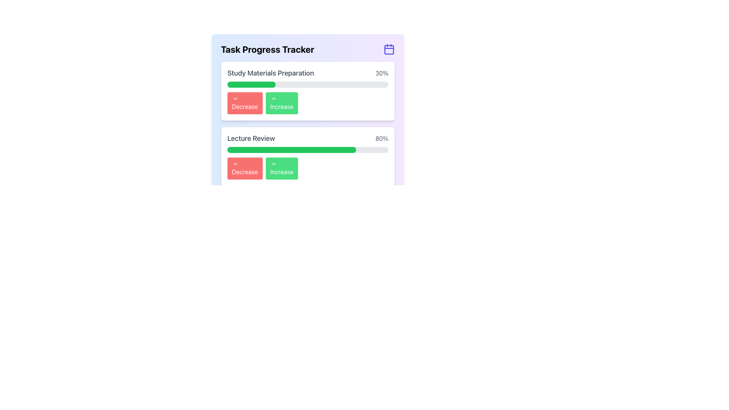 This screenshot has height=410, width=729. Describe the element at coordinates (382, 73) in the screenshot. I see `the text label displaying '30%' which is styled in a subdued gray color and positioned at the top-right corner near the title 'Study Materials Preparation'` at that location.